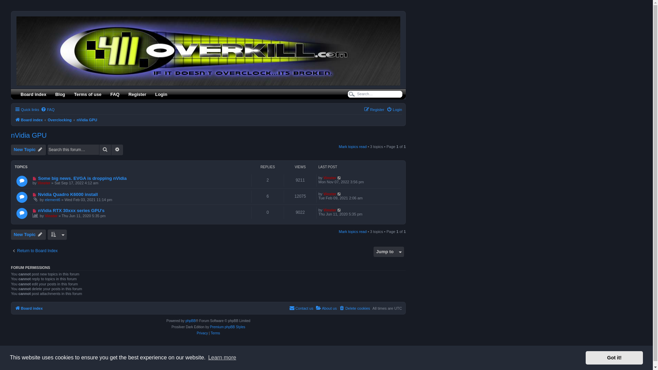 The image size is (658, 370). What do you see at coordinates (222, 357) in the screenshot?
I see `'Learn more'` at bounding box center [222, 357].